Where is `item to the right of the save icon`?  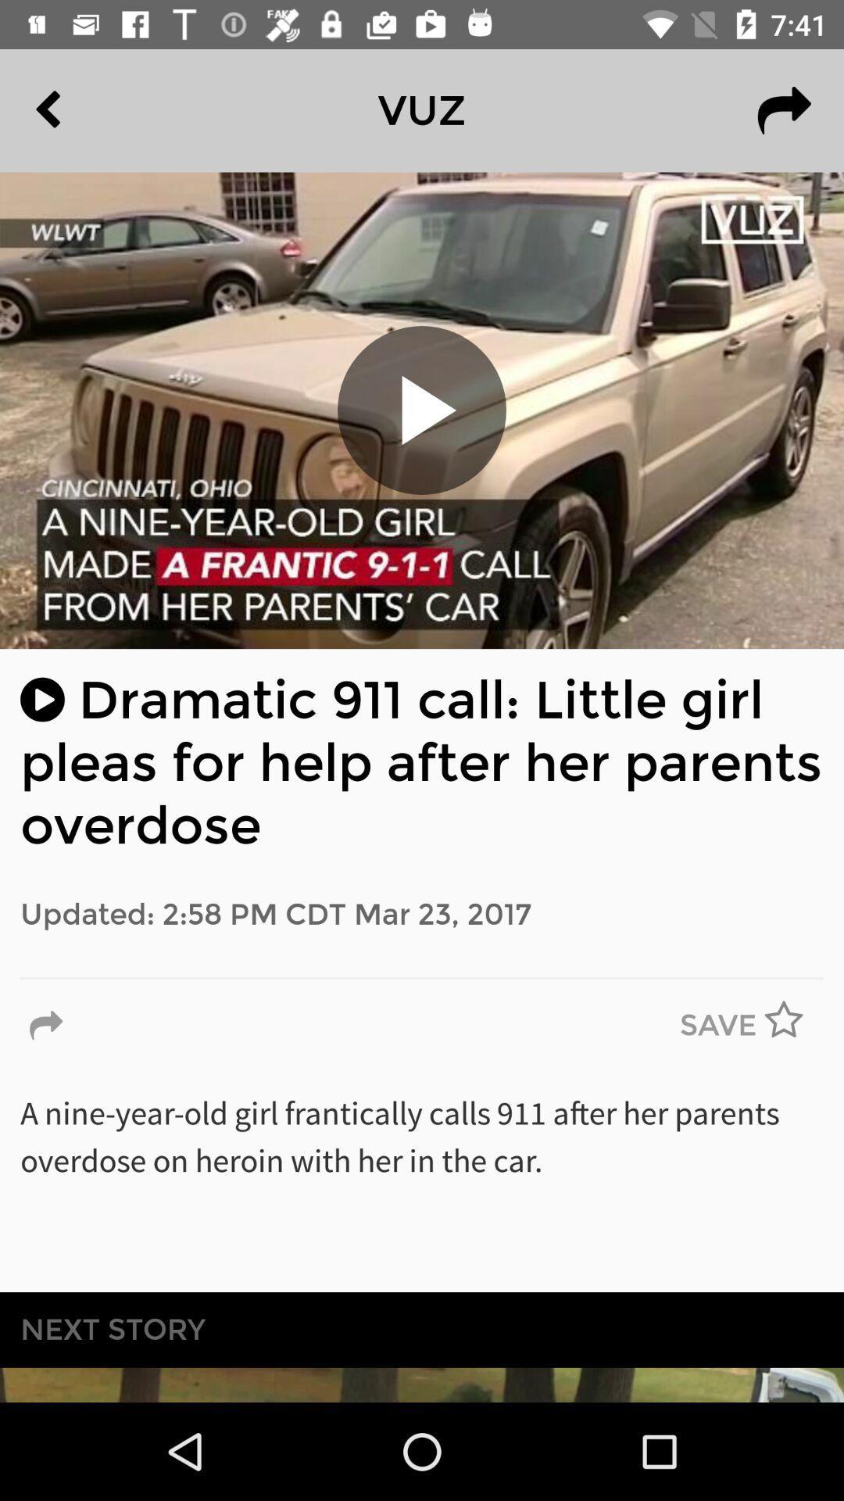
item to the right of the save icon is located at coordinates (794, 1026).